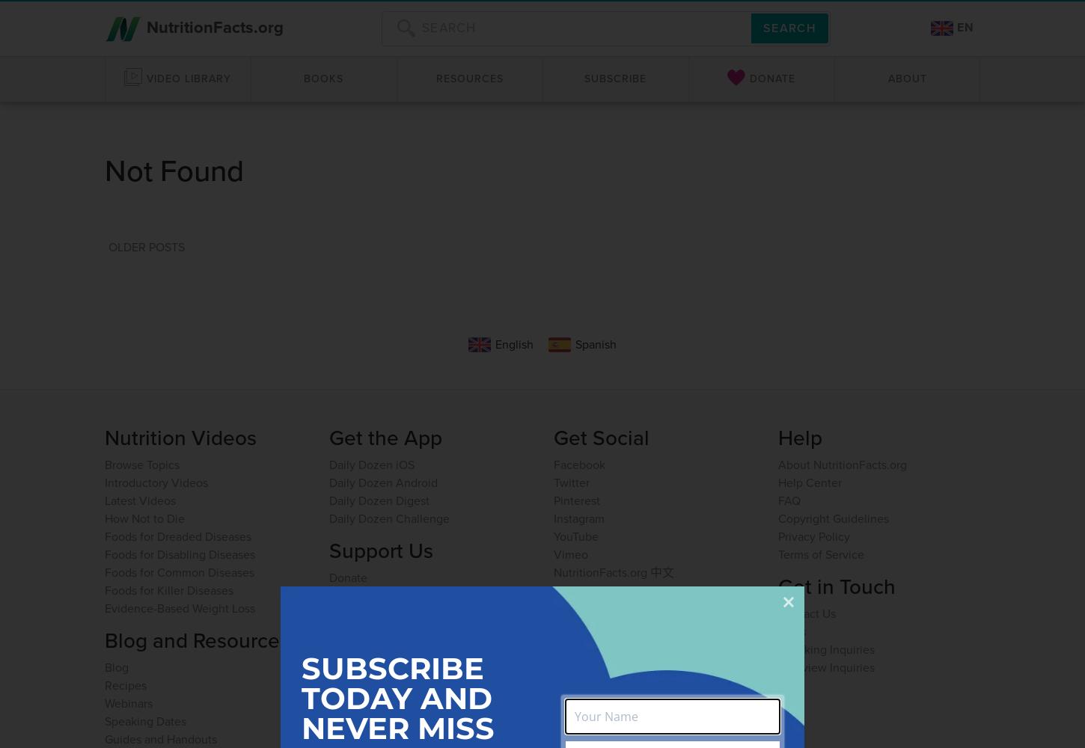 The width and height of the screenshot is (1085, 748). What do you see at coordinates (383, 482) in the screenshot?
I see `'Daily Dozen Android'` at bounding box center [383, 482].